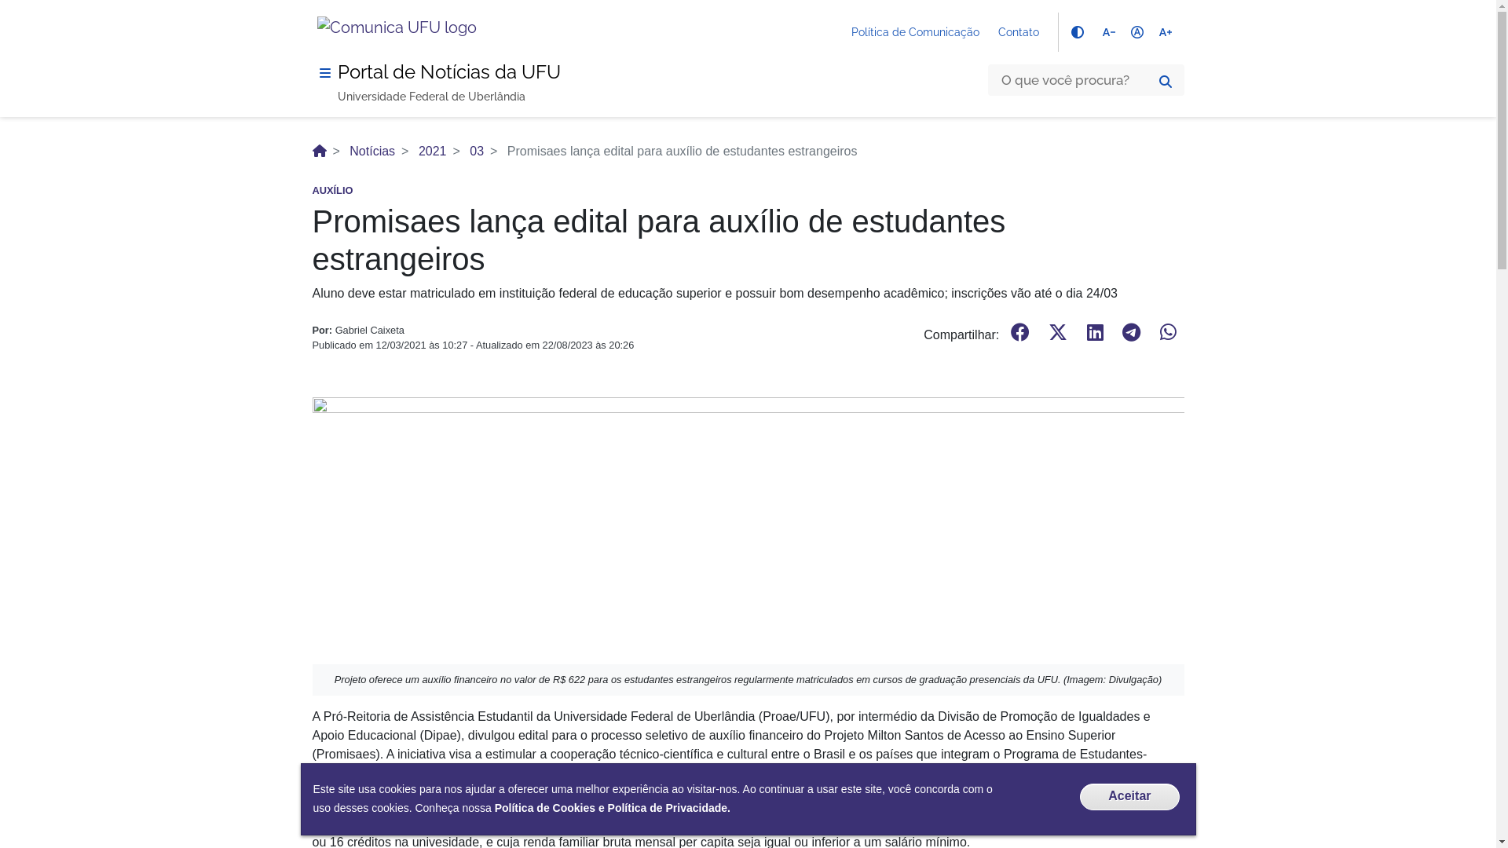 The width and height of the screenshot is (1508, 848). I want to click on '03', so click(469, 151).